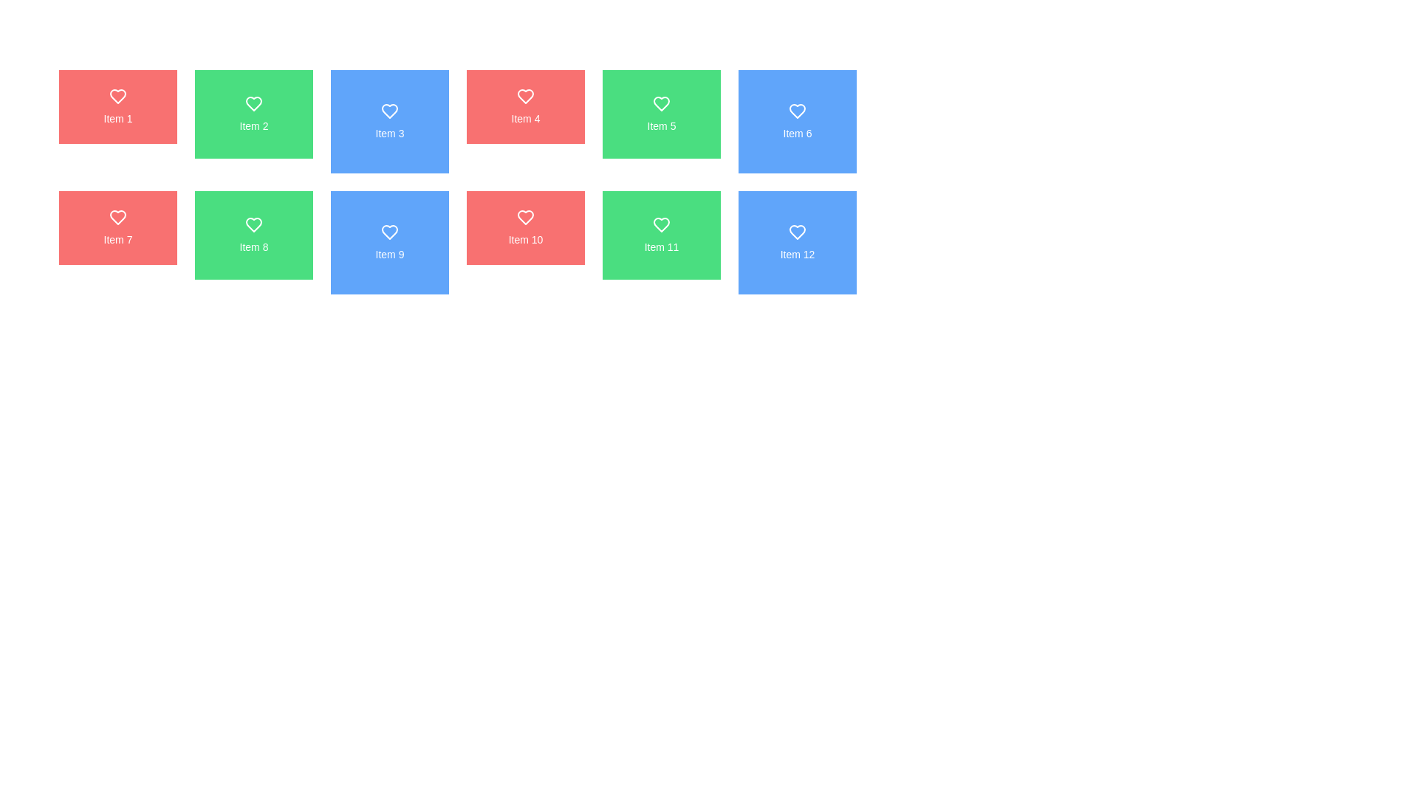 The width and height of the screenshot is (1418, 797). I want to click on the text label displaying 'Item 1' which is styled with a white font on a red background, located below a heart icon in the top-left corner of the grid, so click(117, 118).